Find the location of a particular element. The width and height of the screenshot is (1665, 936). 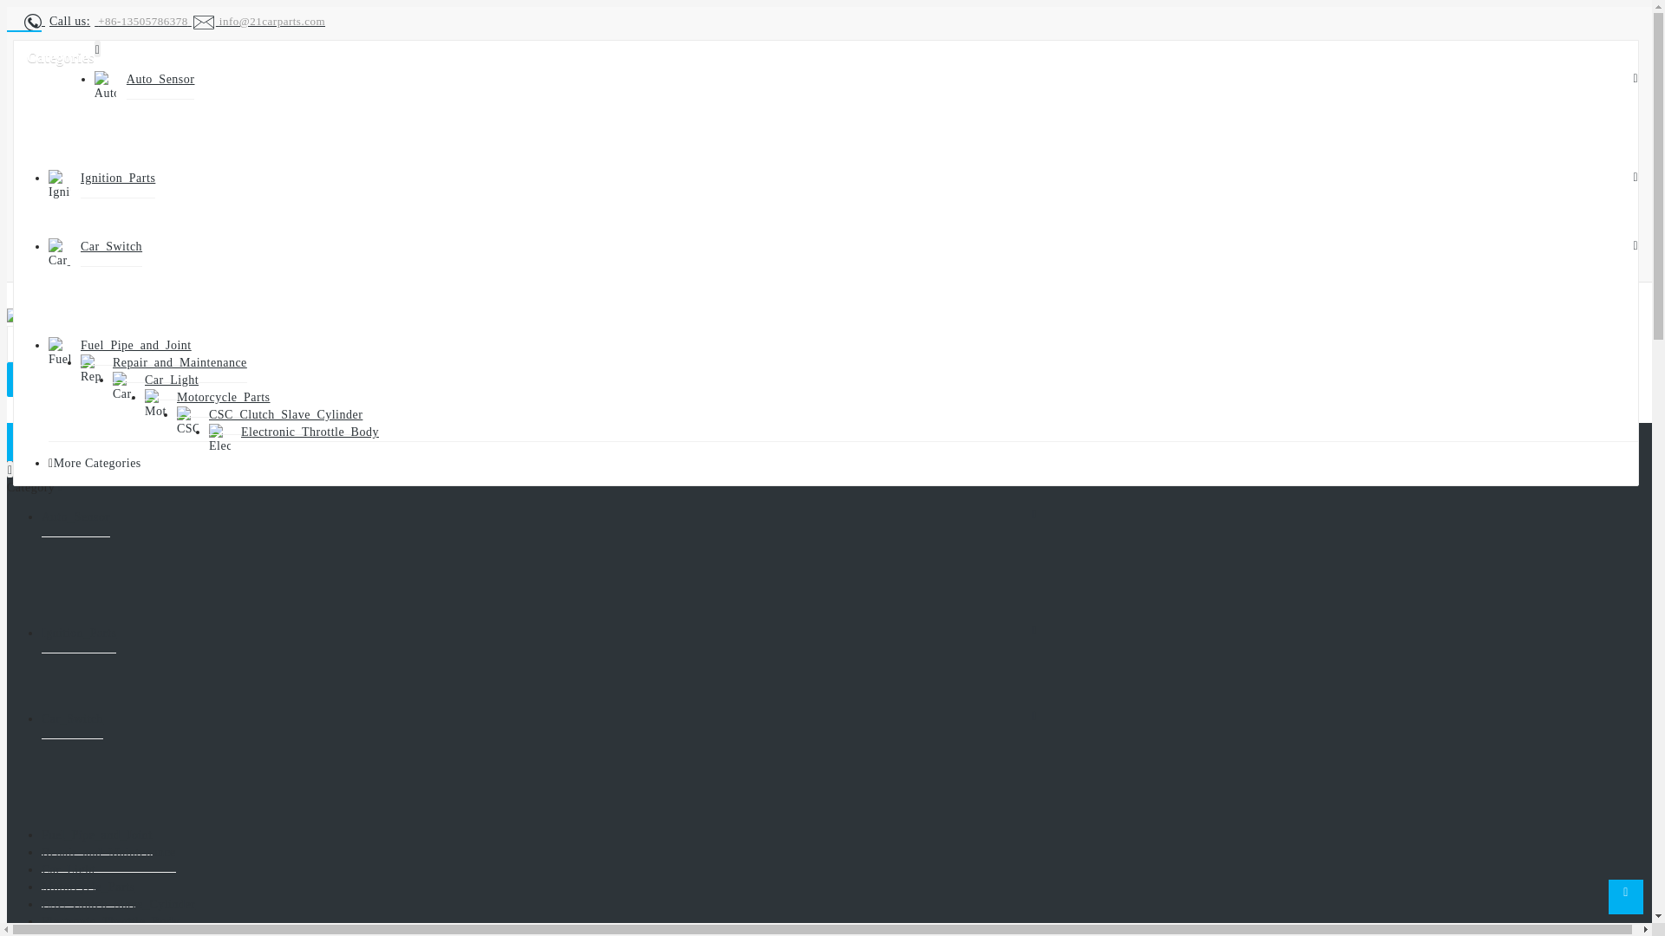

'Motorcycle_Parts' is located at coordinates (176, 398).